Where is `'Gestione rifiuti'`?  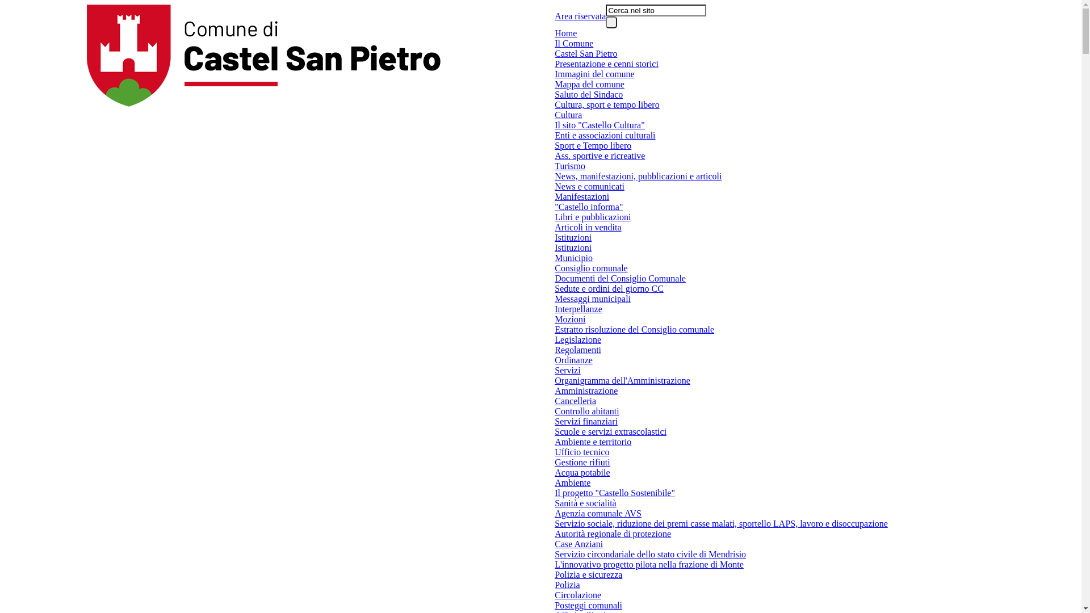
'Gestione rifiuti' is located at coordinates (555, 462).